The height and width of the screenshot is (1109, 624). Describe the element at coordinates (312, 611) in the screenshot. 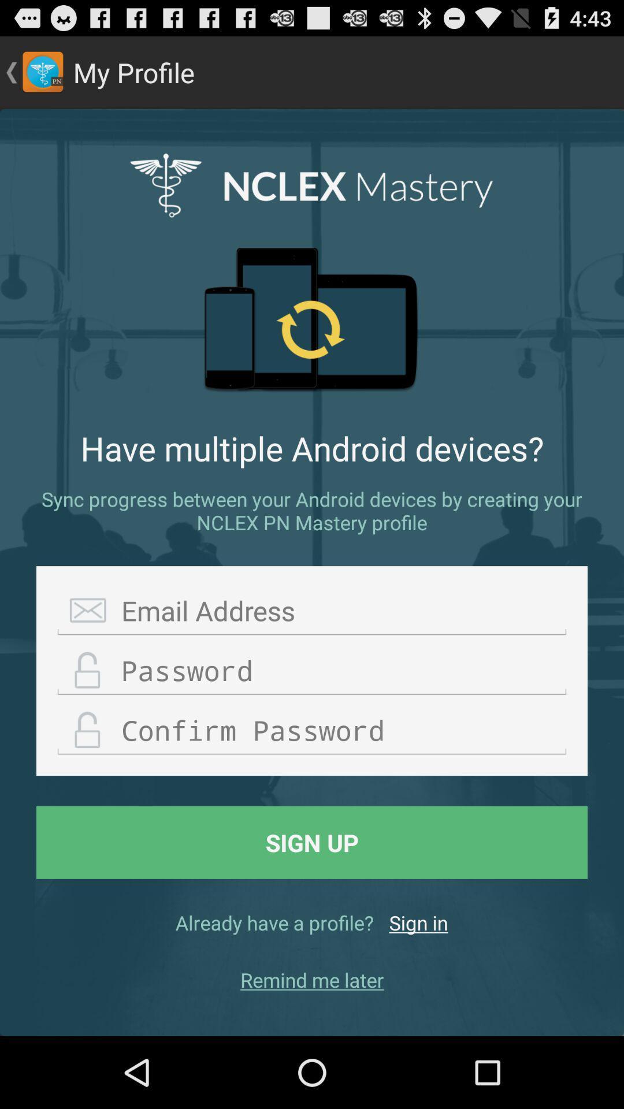

I see `write your e-mail` at that location.